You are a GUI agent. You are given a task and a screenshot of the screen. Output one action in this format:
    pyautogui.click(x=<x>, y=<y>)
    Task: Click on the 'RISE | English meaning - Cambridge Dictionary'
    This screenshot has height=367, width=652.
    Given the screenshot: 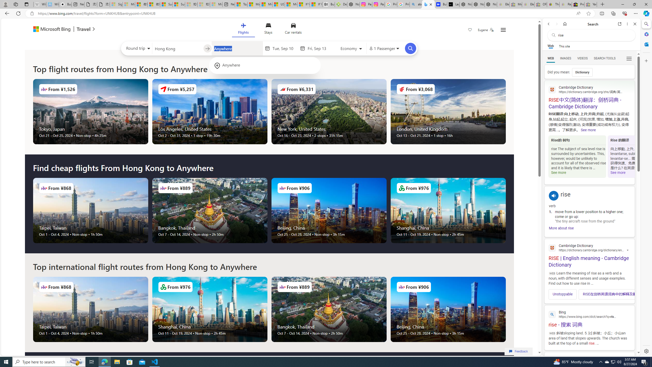 What is the action you would take?
    pyautogui.click(x=589, y=255)
    